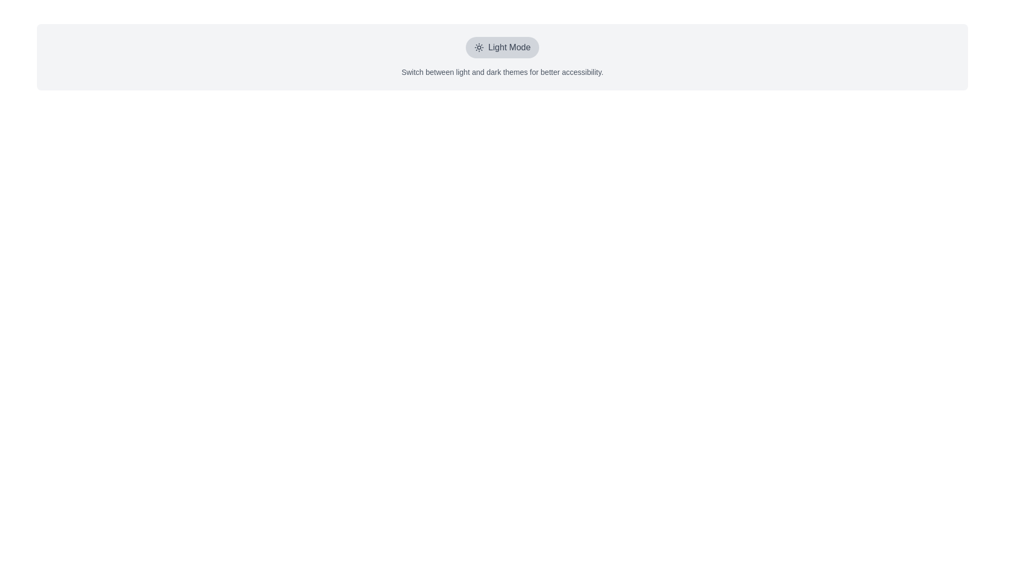  What do you see at coordinates (502, 72) in the screenshot?
I see `the text label that contains the snippet 'Switch between light and dark themes for better accessibility.' which is styled in small gray font and located beneath the 'Light Mode' text` at bounding box center [502, 72].